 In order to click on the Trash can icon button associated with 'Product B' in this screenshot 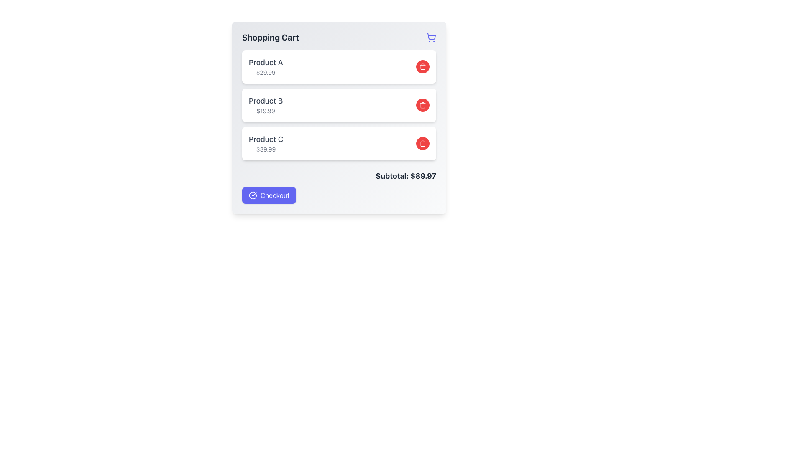, I will do `click(423, 104)`.